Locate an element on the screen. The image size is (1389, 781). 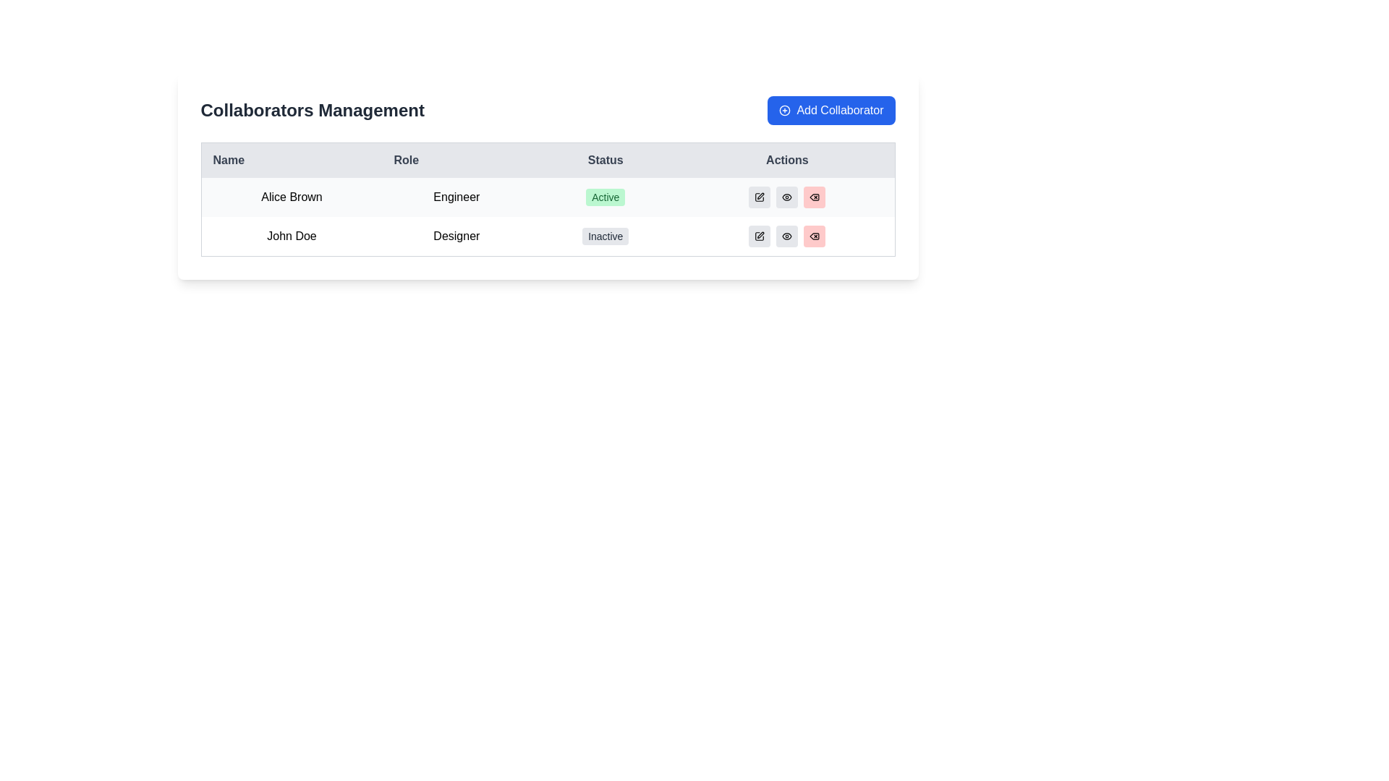
the 'Active' status badge, which has bold green text on a light green background and is located in the 'Status' column next to 'Engineer' for 'Alice Brown' is located at coordinates (606, 197).